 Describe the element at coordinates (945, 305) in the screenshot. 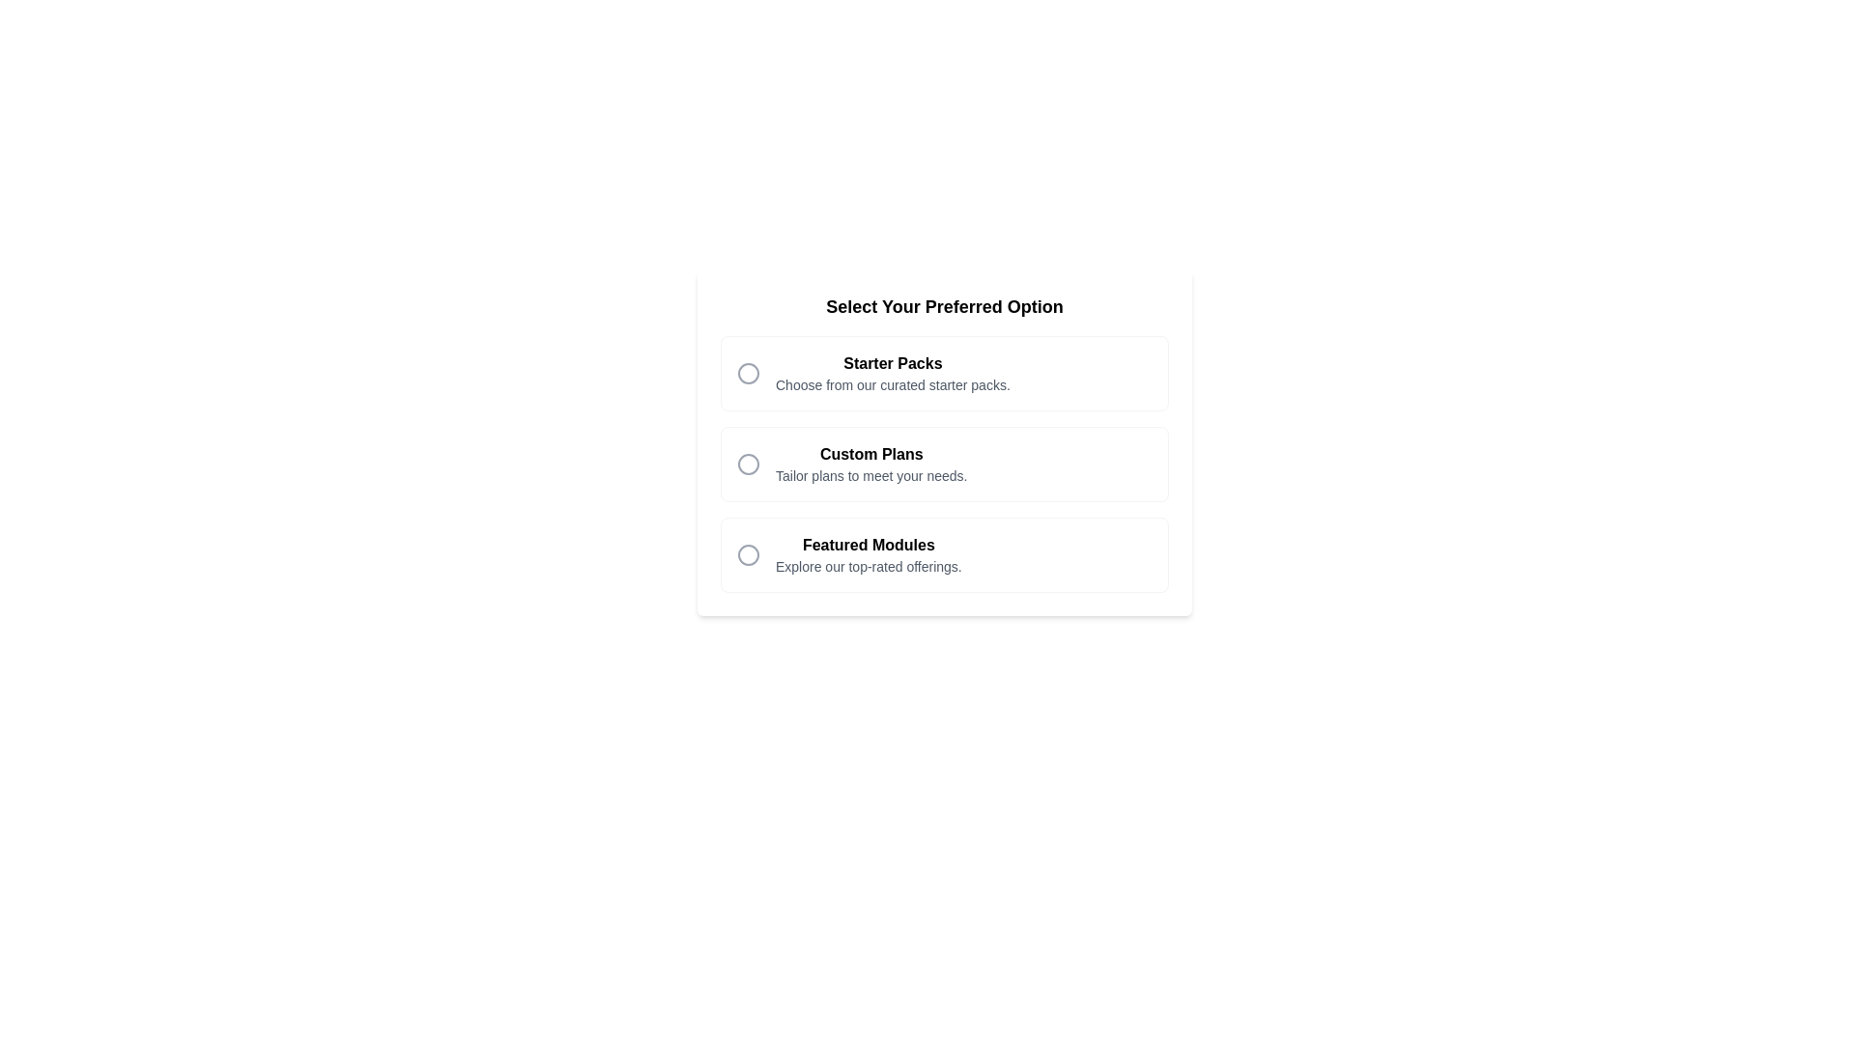

I see `the Text Label that serves as a heading for the section explaining the purpose of selecting a preferred option` at that location.